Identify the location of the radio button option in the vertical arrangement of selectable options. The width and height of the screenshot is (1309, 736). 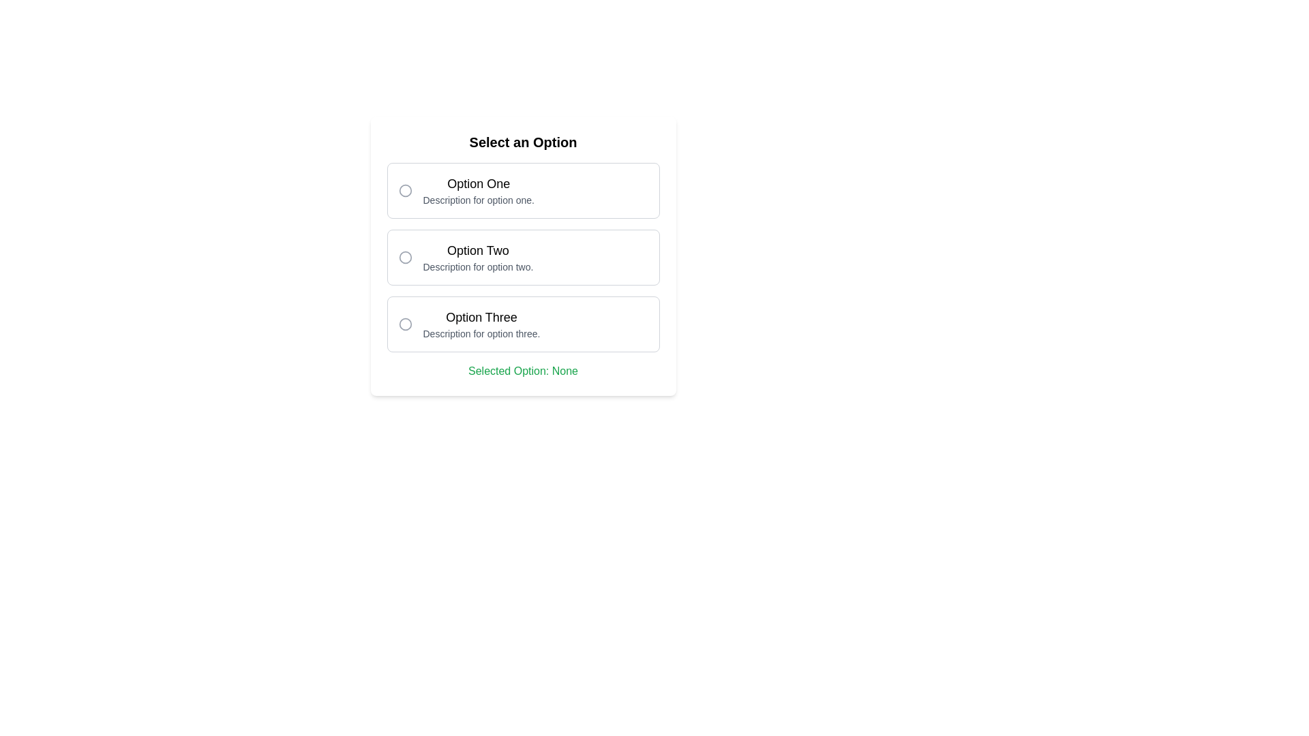
(522, 258).